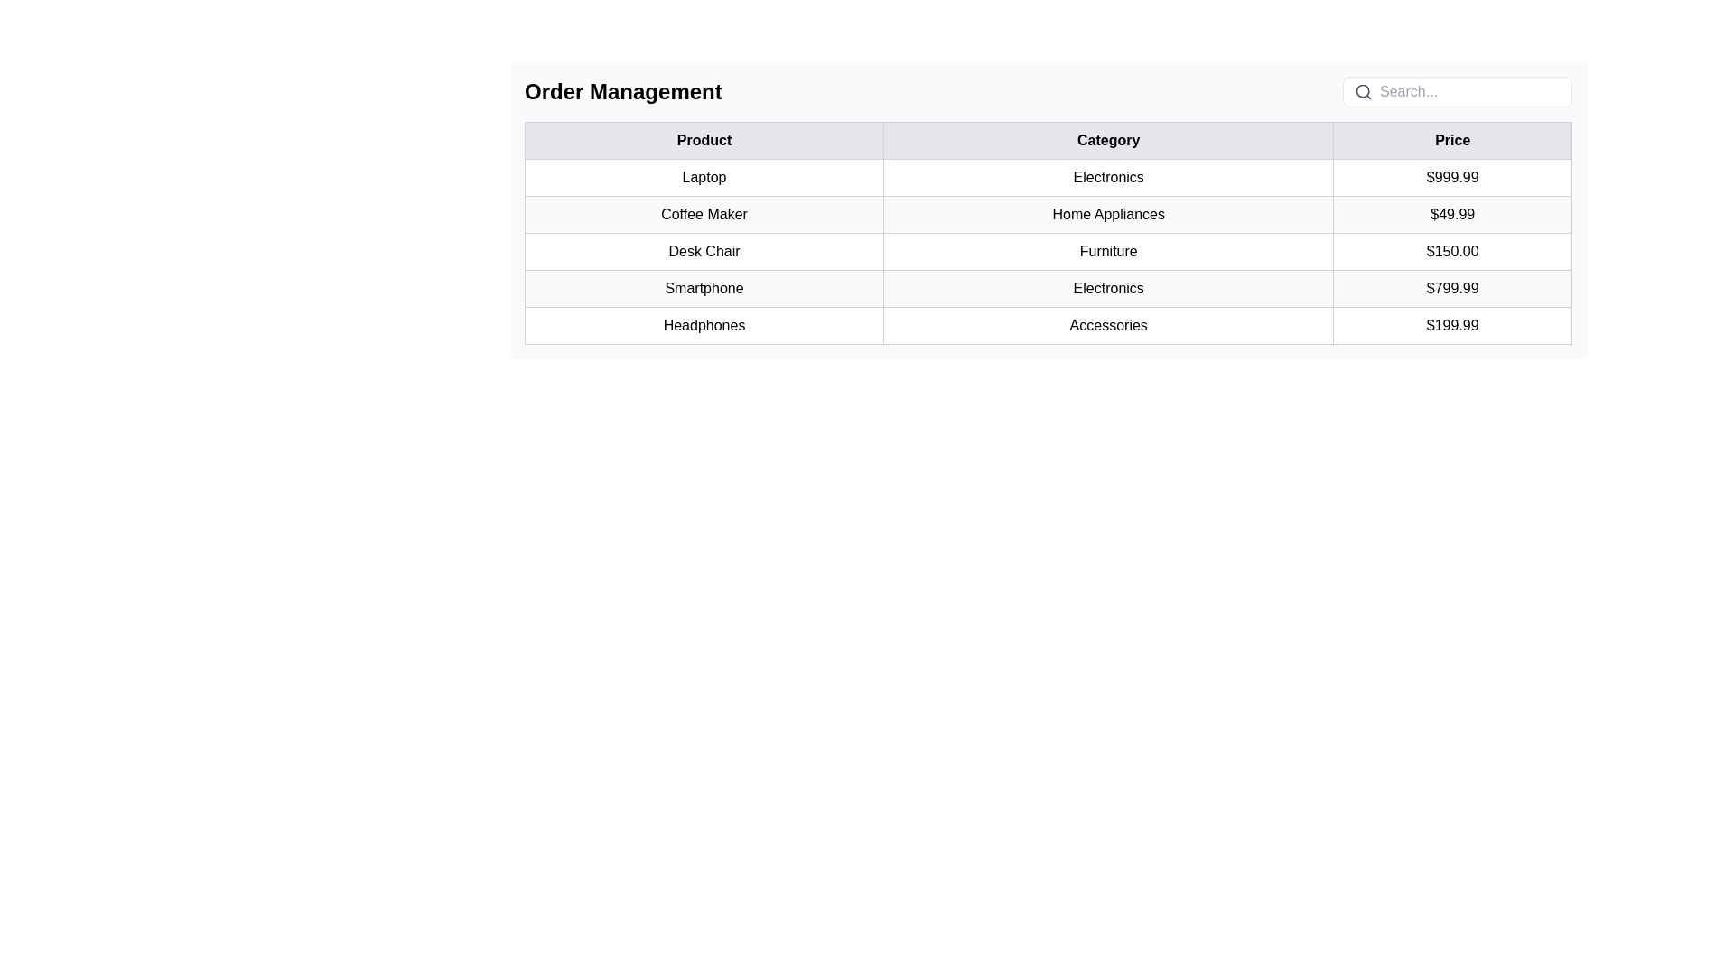 Image resolution: width=1734 pixels, height=975 pixels. I want to click on the circular element of the magnifying glass icon, which signifies search functionality, located in the header area next to the search input box, so click(1363, 91).